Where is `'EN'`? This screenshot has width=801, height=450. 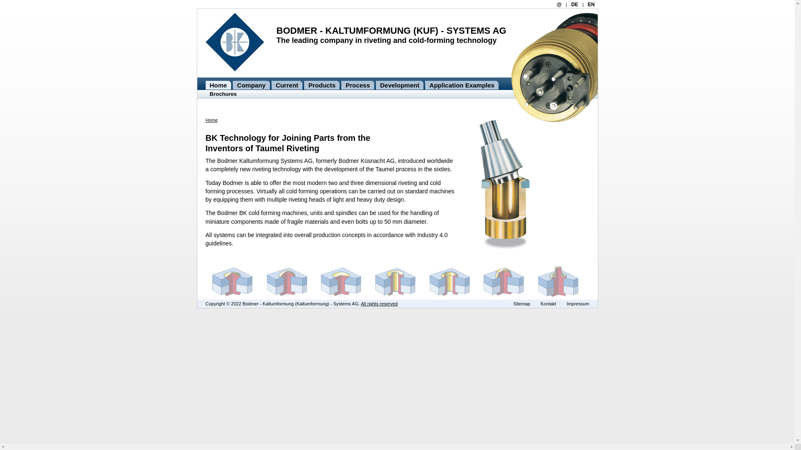
'EN' is located at coordinates (591, 5).